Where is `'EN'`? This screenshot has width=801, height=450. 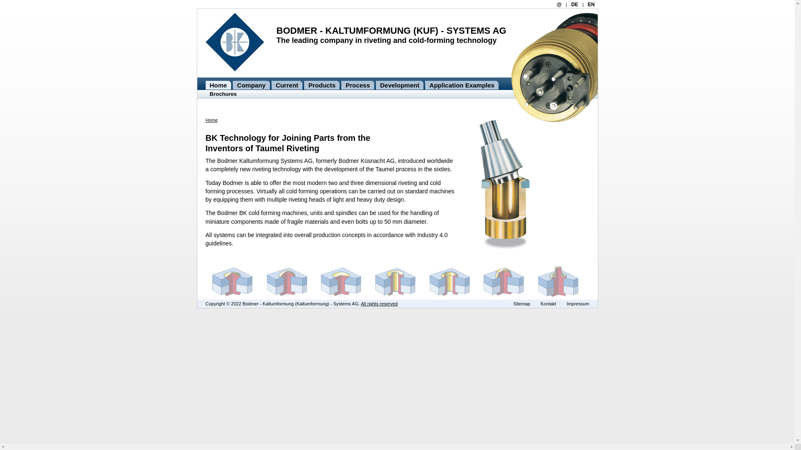
'EN' is located at coordinates (591, 5).